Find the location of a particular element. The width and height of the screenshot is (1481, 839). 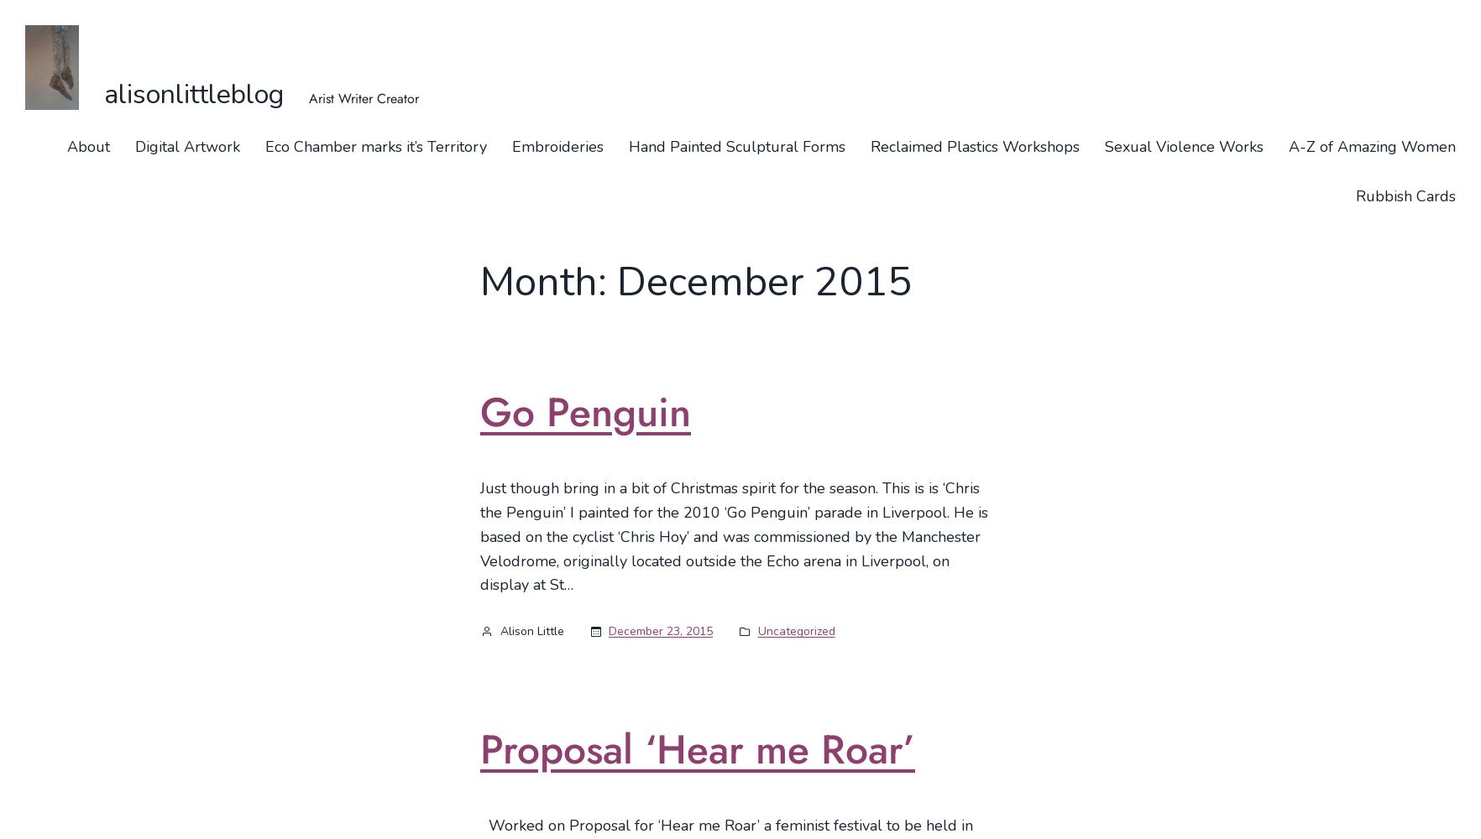

'Proposal ‘Hear me Roar’' is located at coordinates (698, 748).